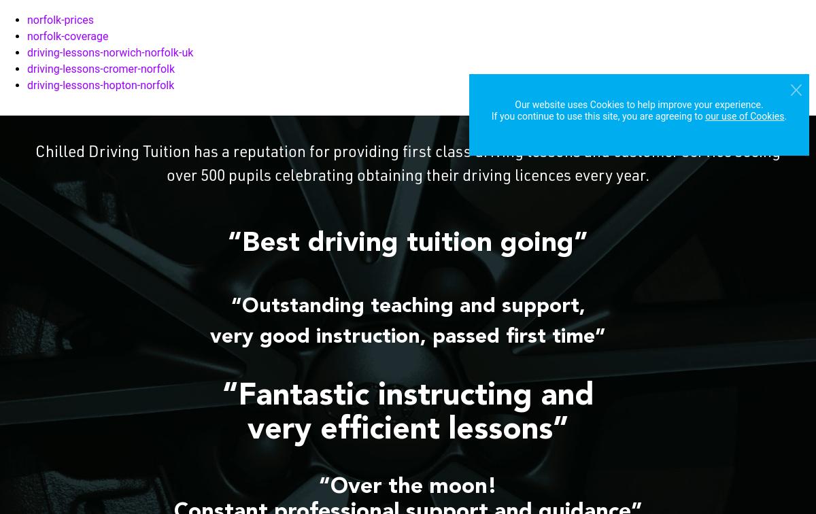 The width and height of the screenshot is (816, 514). Describe the element at coordinates (247, 430) in the screenshot. I see `'very efficient lessons”'` at that location.